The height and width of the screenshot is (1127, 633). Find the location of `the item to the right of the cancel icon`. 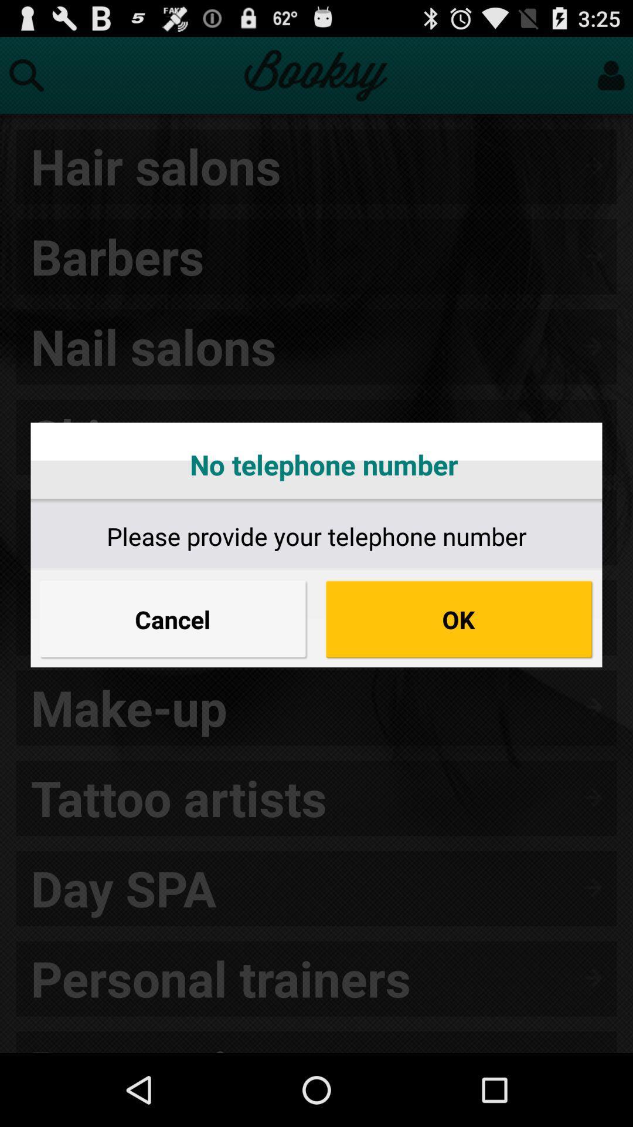

the item to the right of the cancel icon is located at coordinates (458, 619).